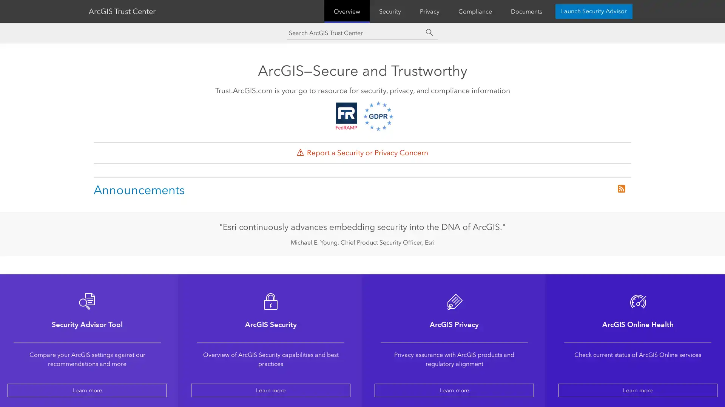 The width and height of the screenshot is (725, 407). What do you see at coordinates (292, 10) in the screenshot?
I see `Stories` at bounding box center [292, 10].